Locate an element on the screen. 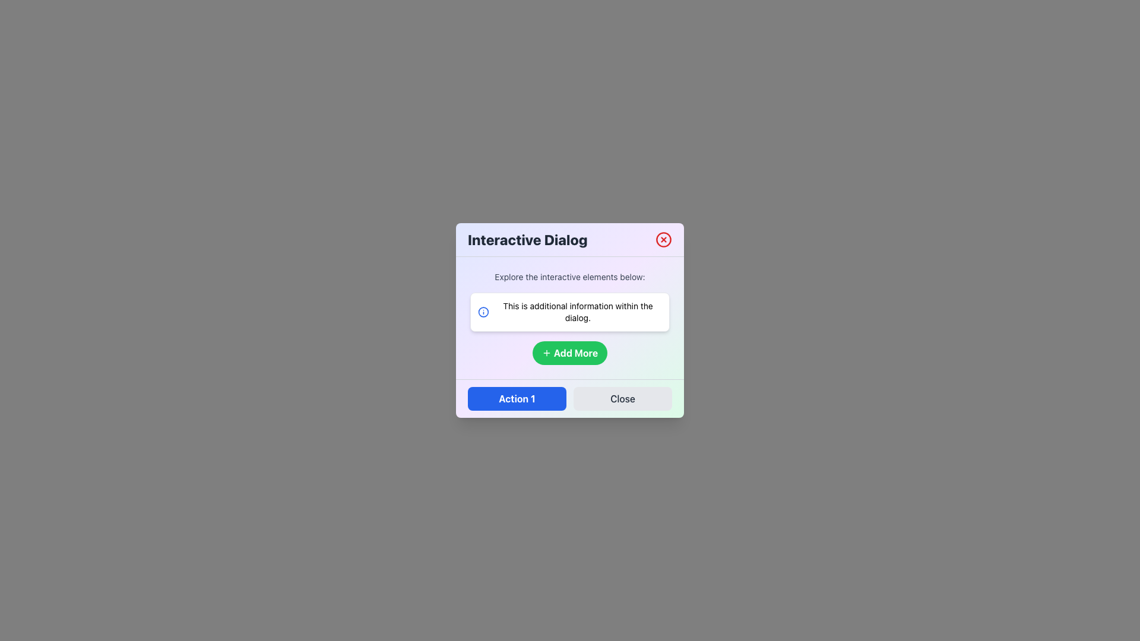 The width and height of the screenshot is (1140, 641). the text block serving as the title or heading at the top center of the dialog interface, located left of an icon-like button is located at coordinates (527, 240).